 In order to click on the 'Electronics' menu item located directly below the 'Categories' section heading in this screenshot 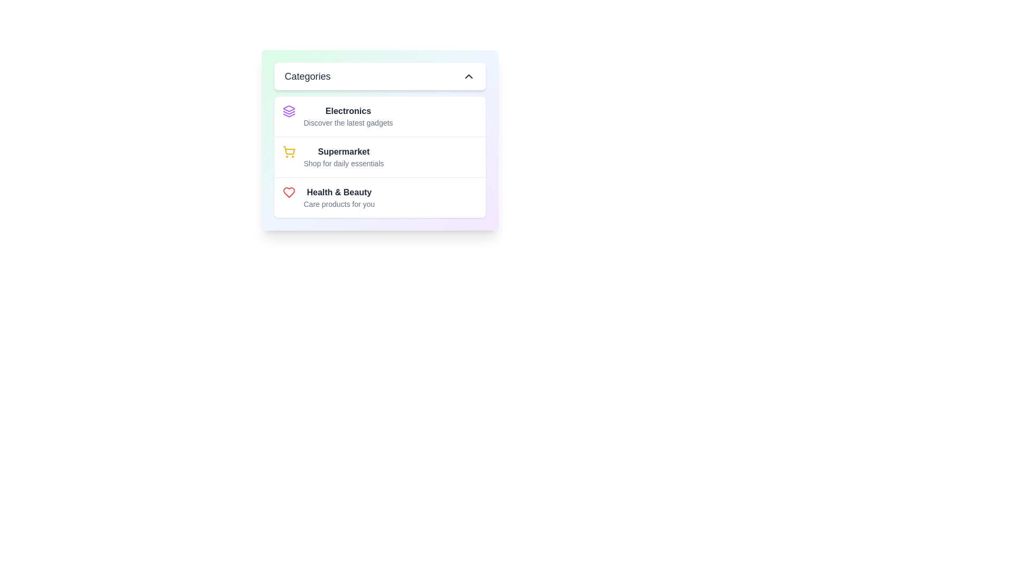, I will do `click(380, 116)`.